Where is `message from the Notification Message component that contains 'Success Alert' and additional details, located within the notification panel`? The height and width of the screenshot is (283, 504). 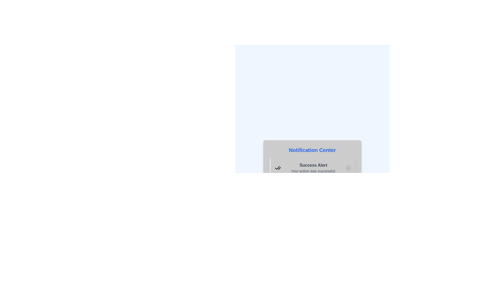 message from the Notification Message component that contains 'Success Alert' and additional details, located within the notification panel is located at coordinates (313, 168).